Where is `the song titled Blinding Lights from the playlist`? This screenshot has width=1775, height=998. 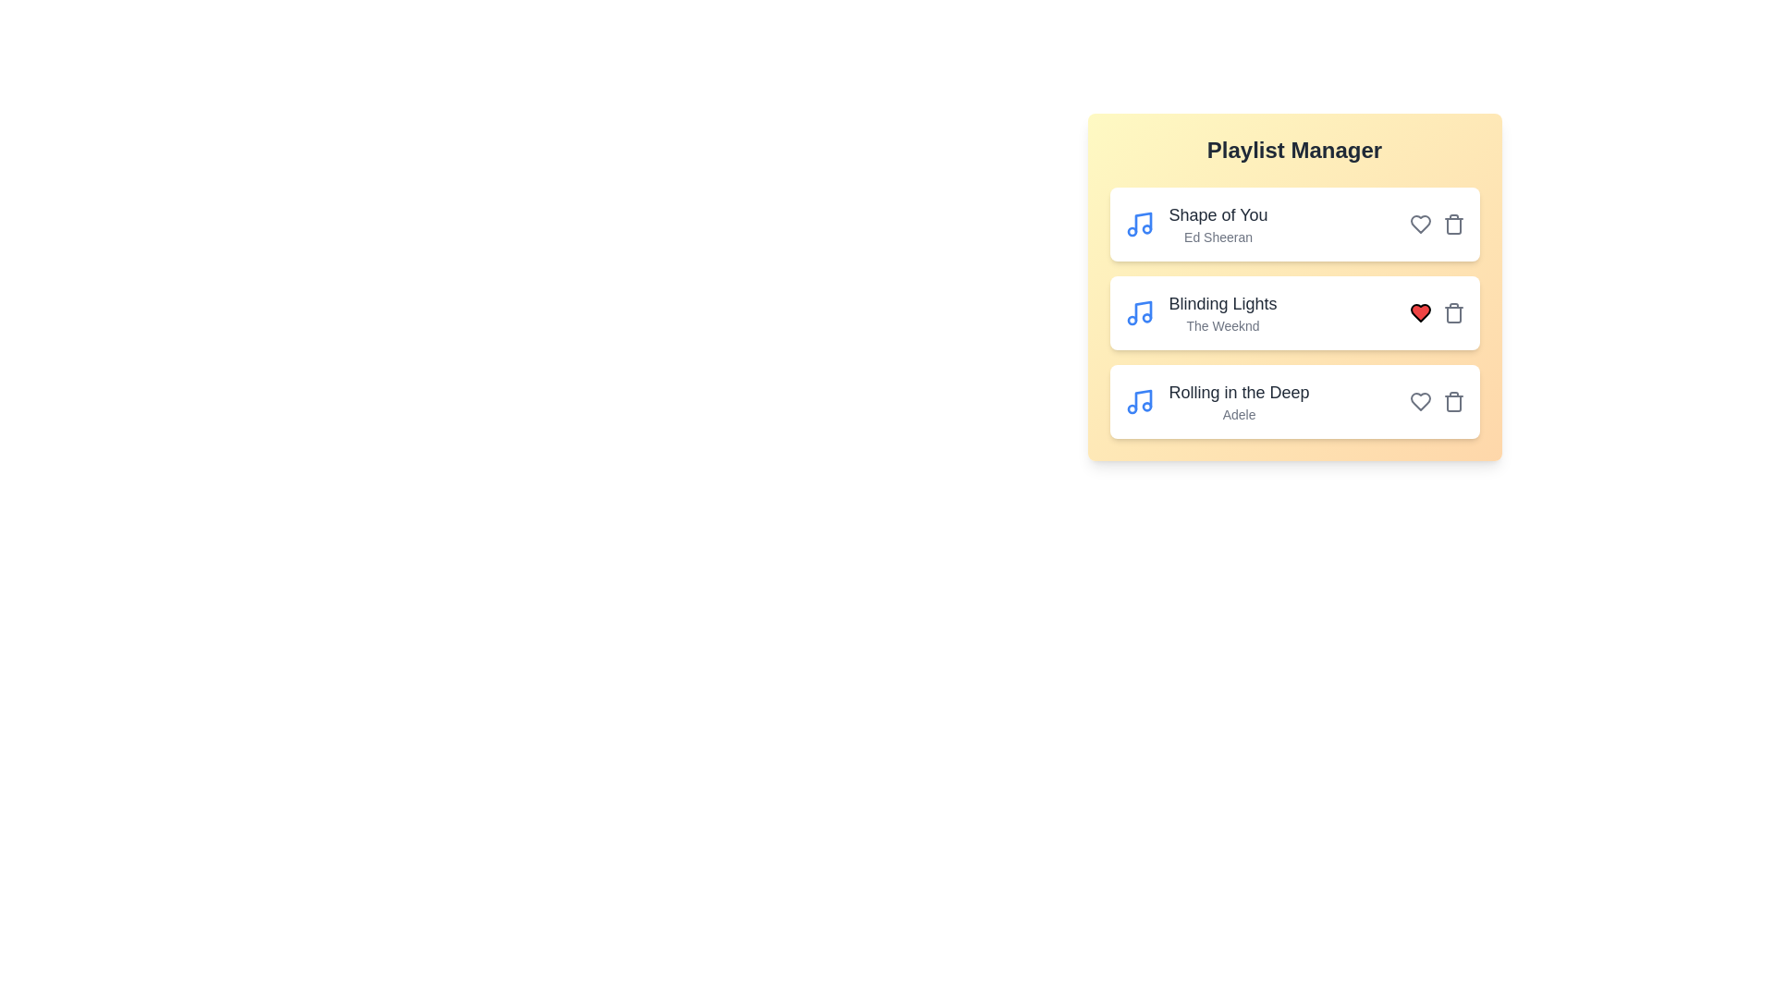
the song titled Blinding Lights from the playlist is located at coordinates (1452, 312).